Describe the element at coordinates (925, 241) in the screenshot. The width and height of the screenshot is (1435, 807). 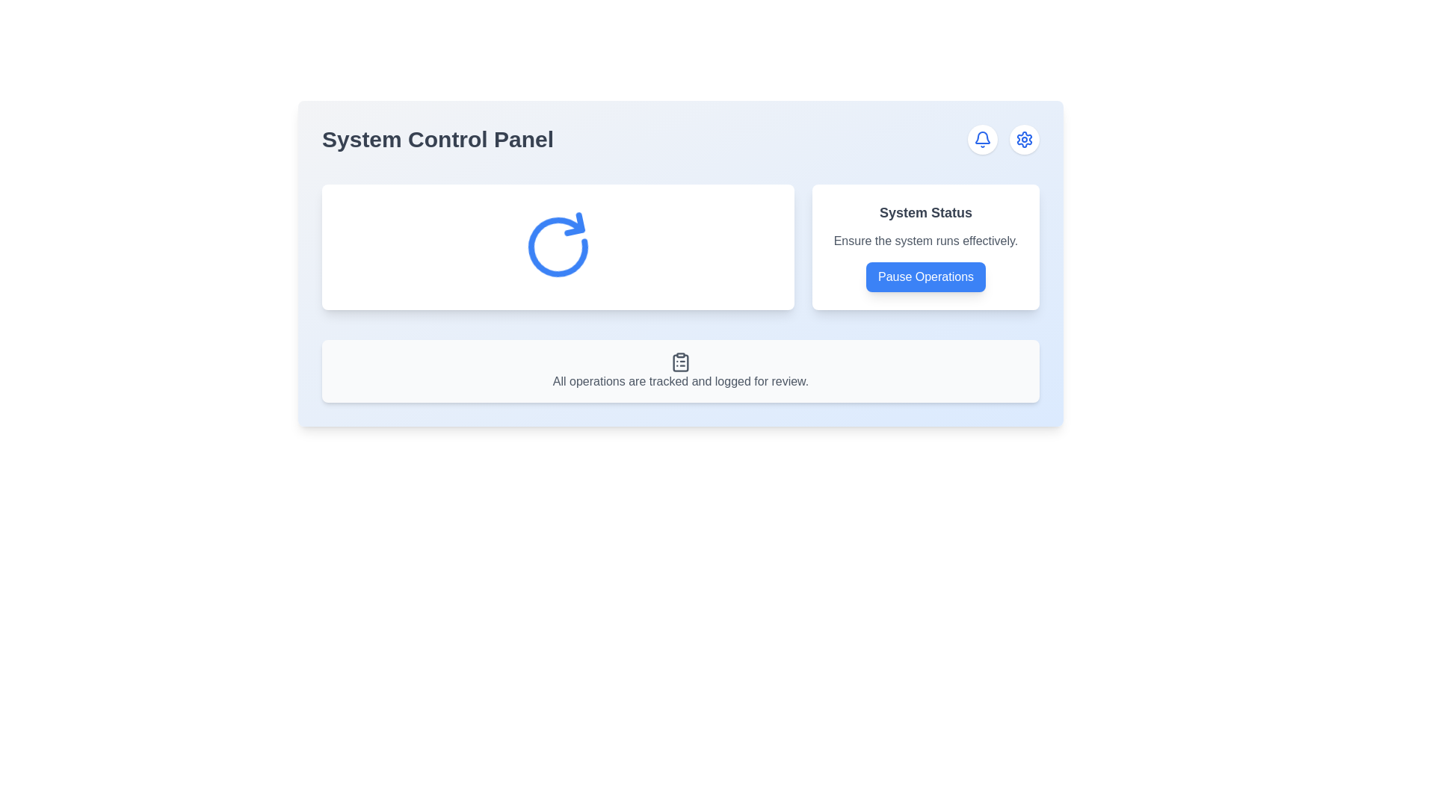
I see `the static text label displaying 'Ensure the system runs effectively.' located in the 'System Status' panel` at that location.